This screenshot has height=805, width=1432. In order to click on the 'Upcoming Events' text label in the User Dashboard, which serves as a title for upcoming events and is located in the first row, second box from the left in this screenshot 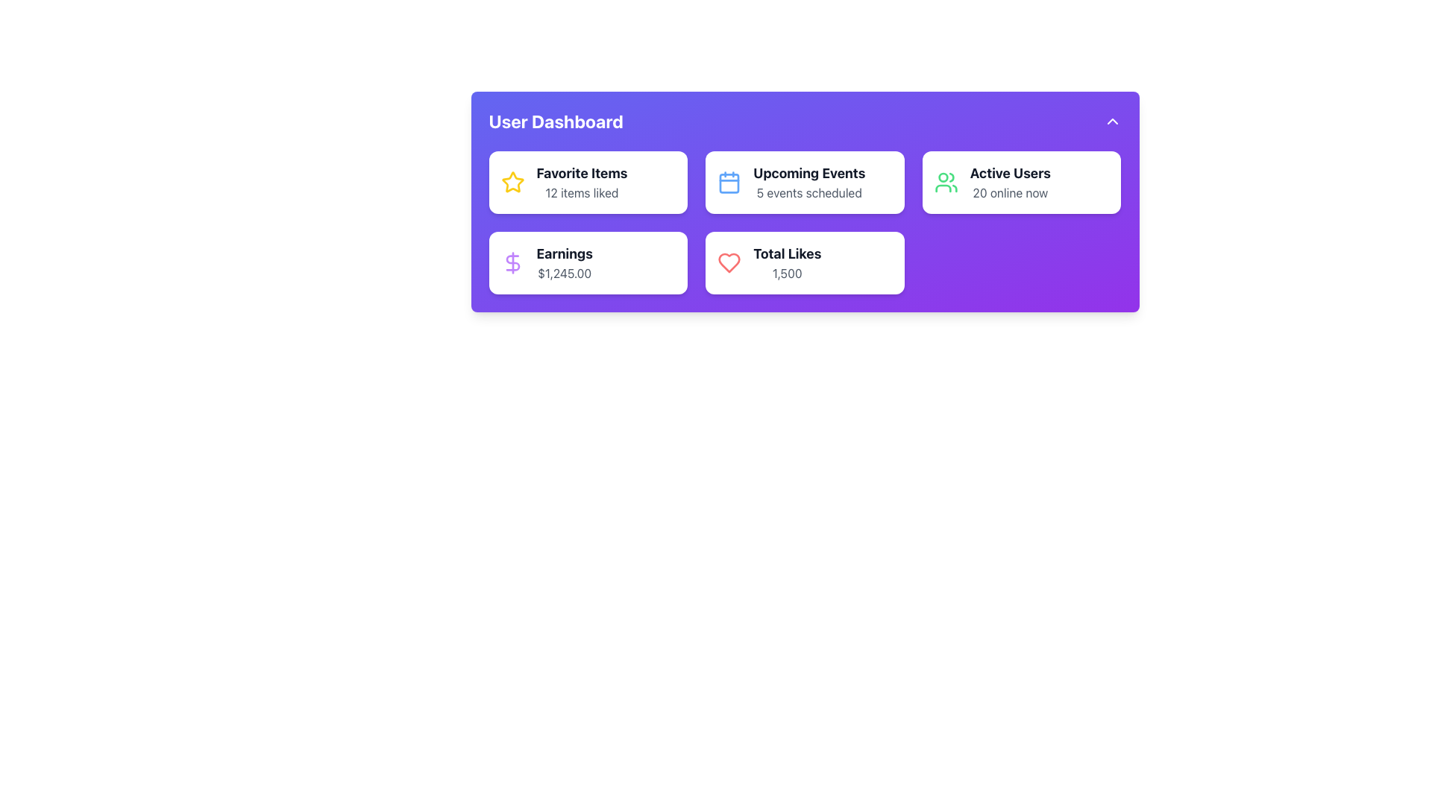, I will do `click(808, 172)`.